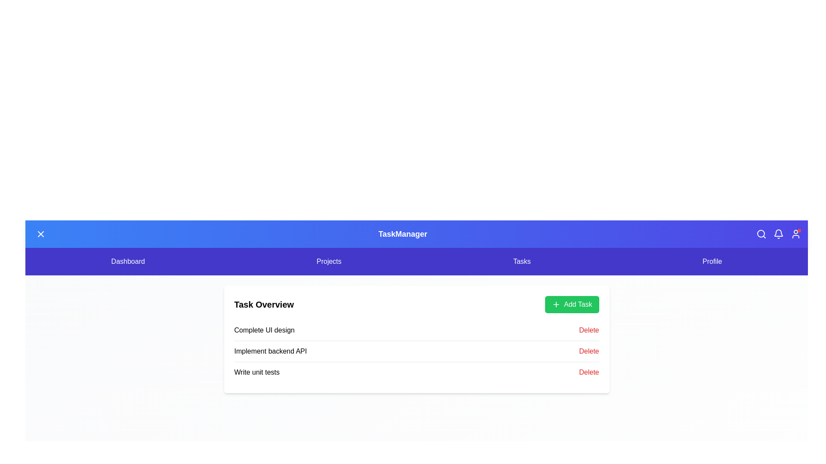 Image resolution: width=826 pixels, height=464 pixels. I want to click on the delete button for the task Complete UI design, so click(589, 330).